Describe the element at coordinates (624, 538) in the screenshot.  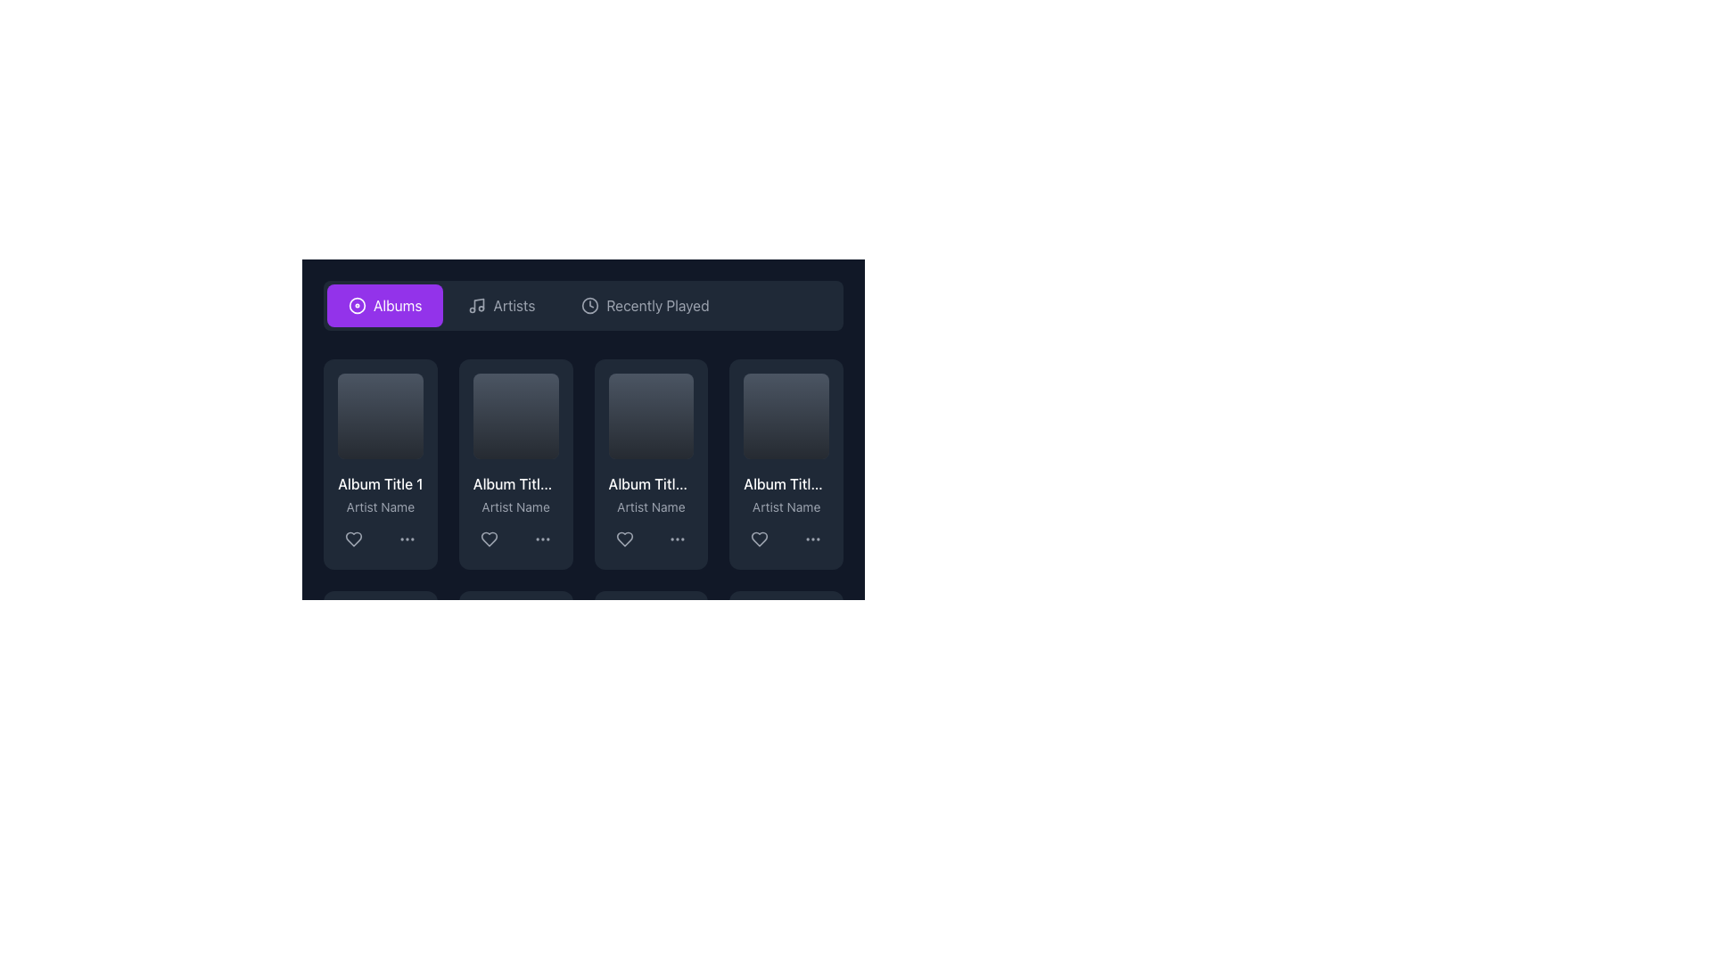
I see `the heart icon button located below 'Artist Name' in the third card from the left in the album grid to like or unlike the album` at that location.